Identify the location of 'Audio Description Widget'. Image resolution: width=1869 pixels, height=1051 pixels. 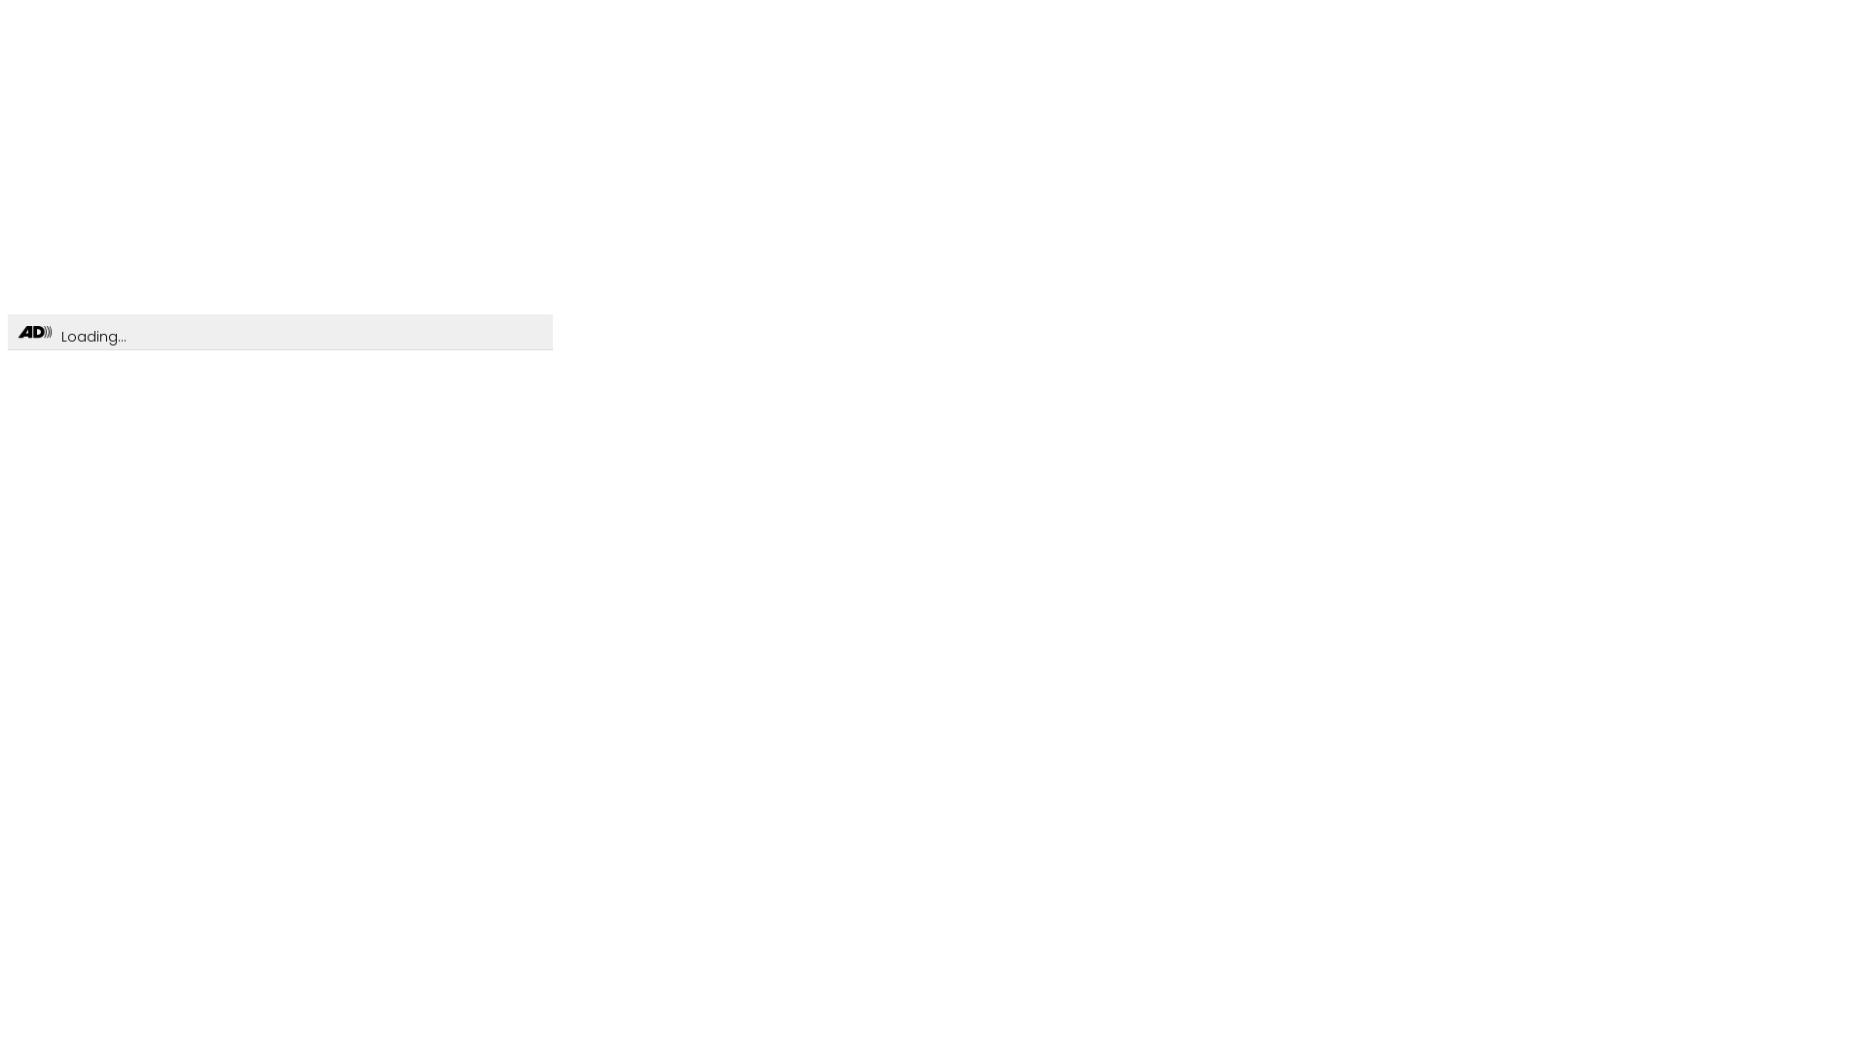
(34, 332).